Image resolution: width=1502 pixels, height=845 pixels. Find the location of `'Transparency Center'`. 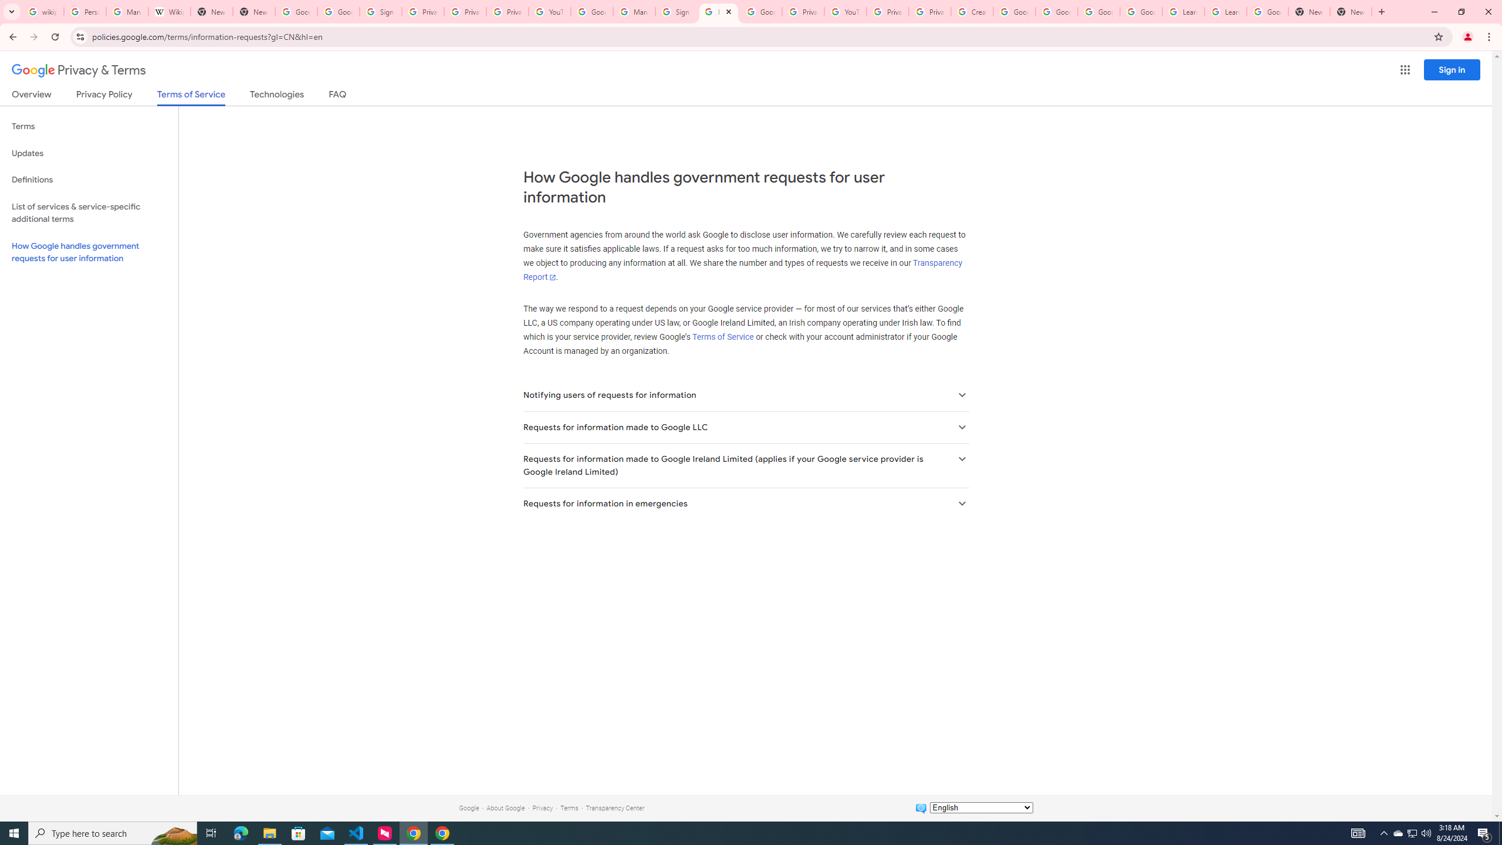

'Transparency Center' is located at coordinates (614, 807).